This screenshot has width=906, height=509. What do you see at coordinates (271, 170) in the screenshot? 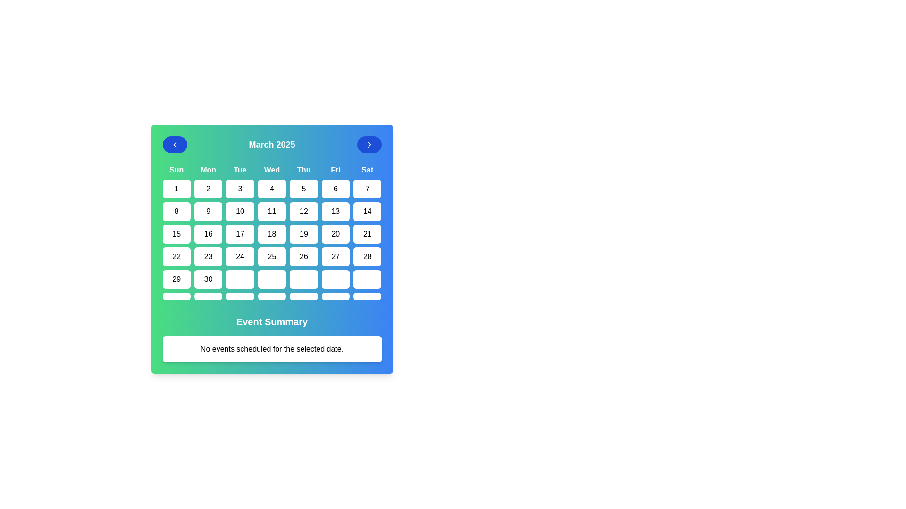
I see `the non-interactive label representing Wednesday in the calendar view, which is the fourth header label in the weekday row` at bounding box center [271, 170].